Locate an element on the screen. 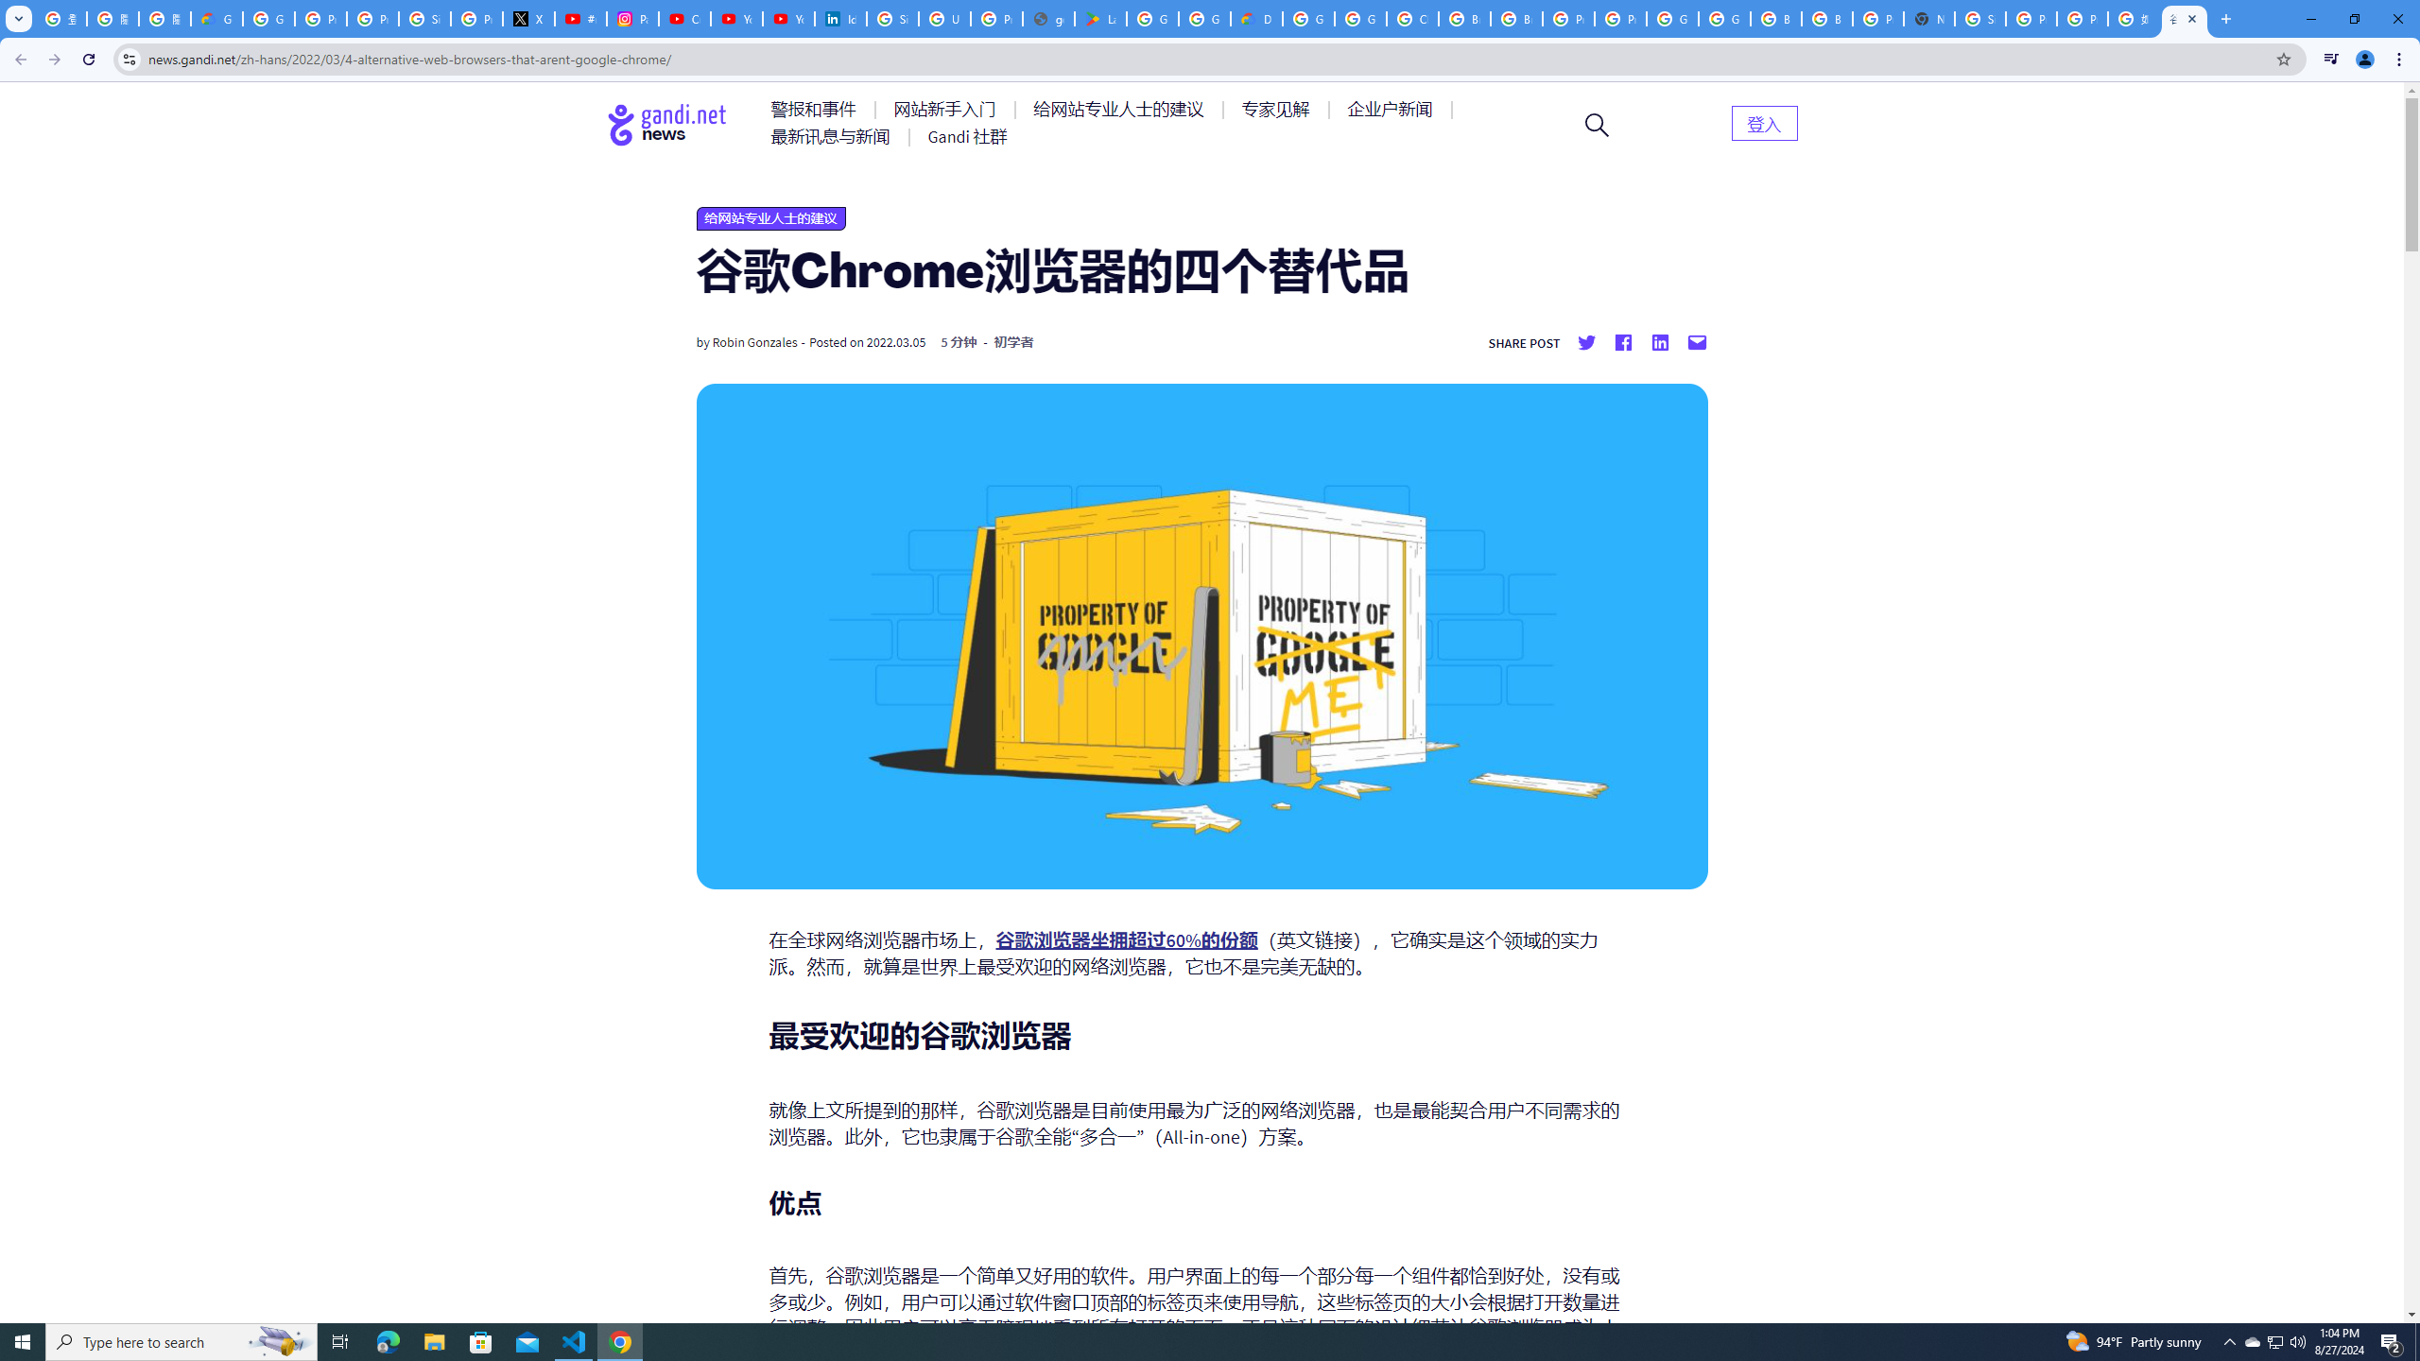  'Google Cloud Platform' is located at coordinates (1671, 18).